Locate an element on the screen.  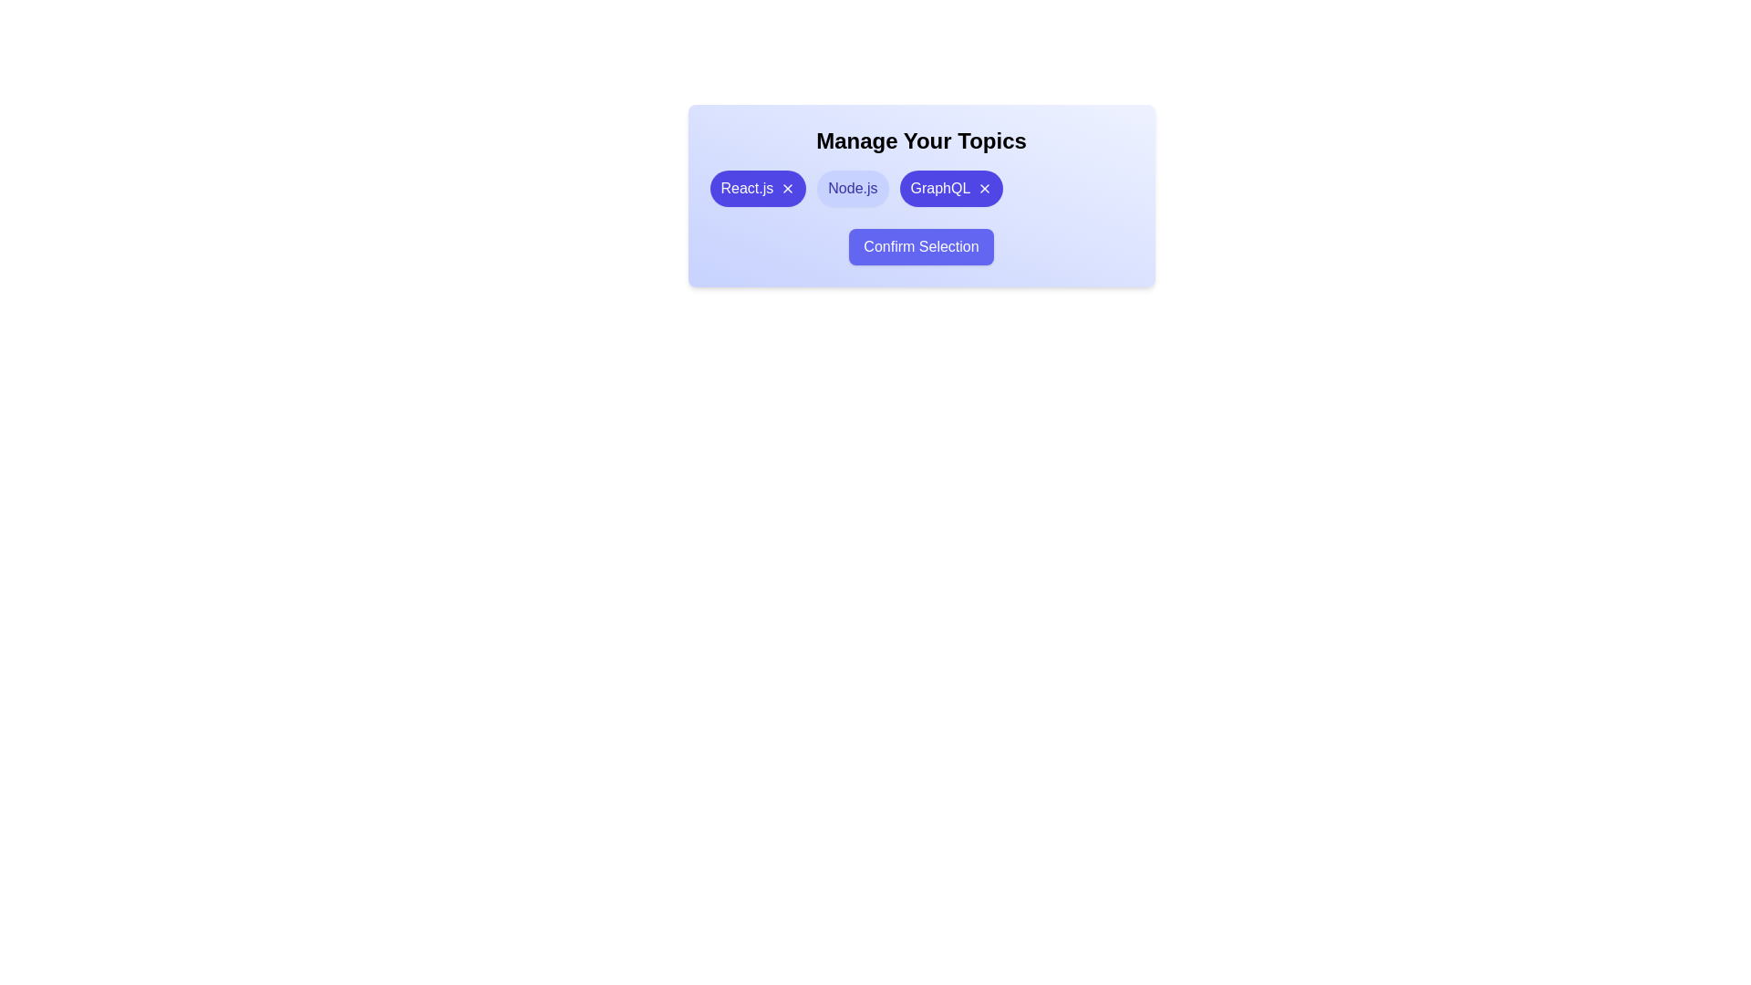
the close icon of the chip labeled React.js is located at coordinates (788, 189).